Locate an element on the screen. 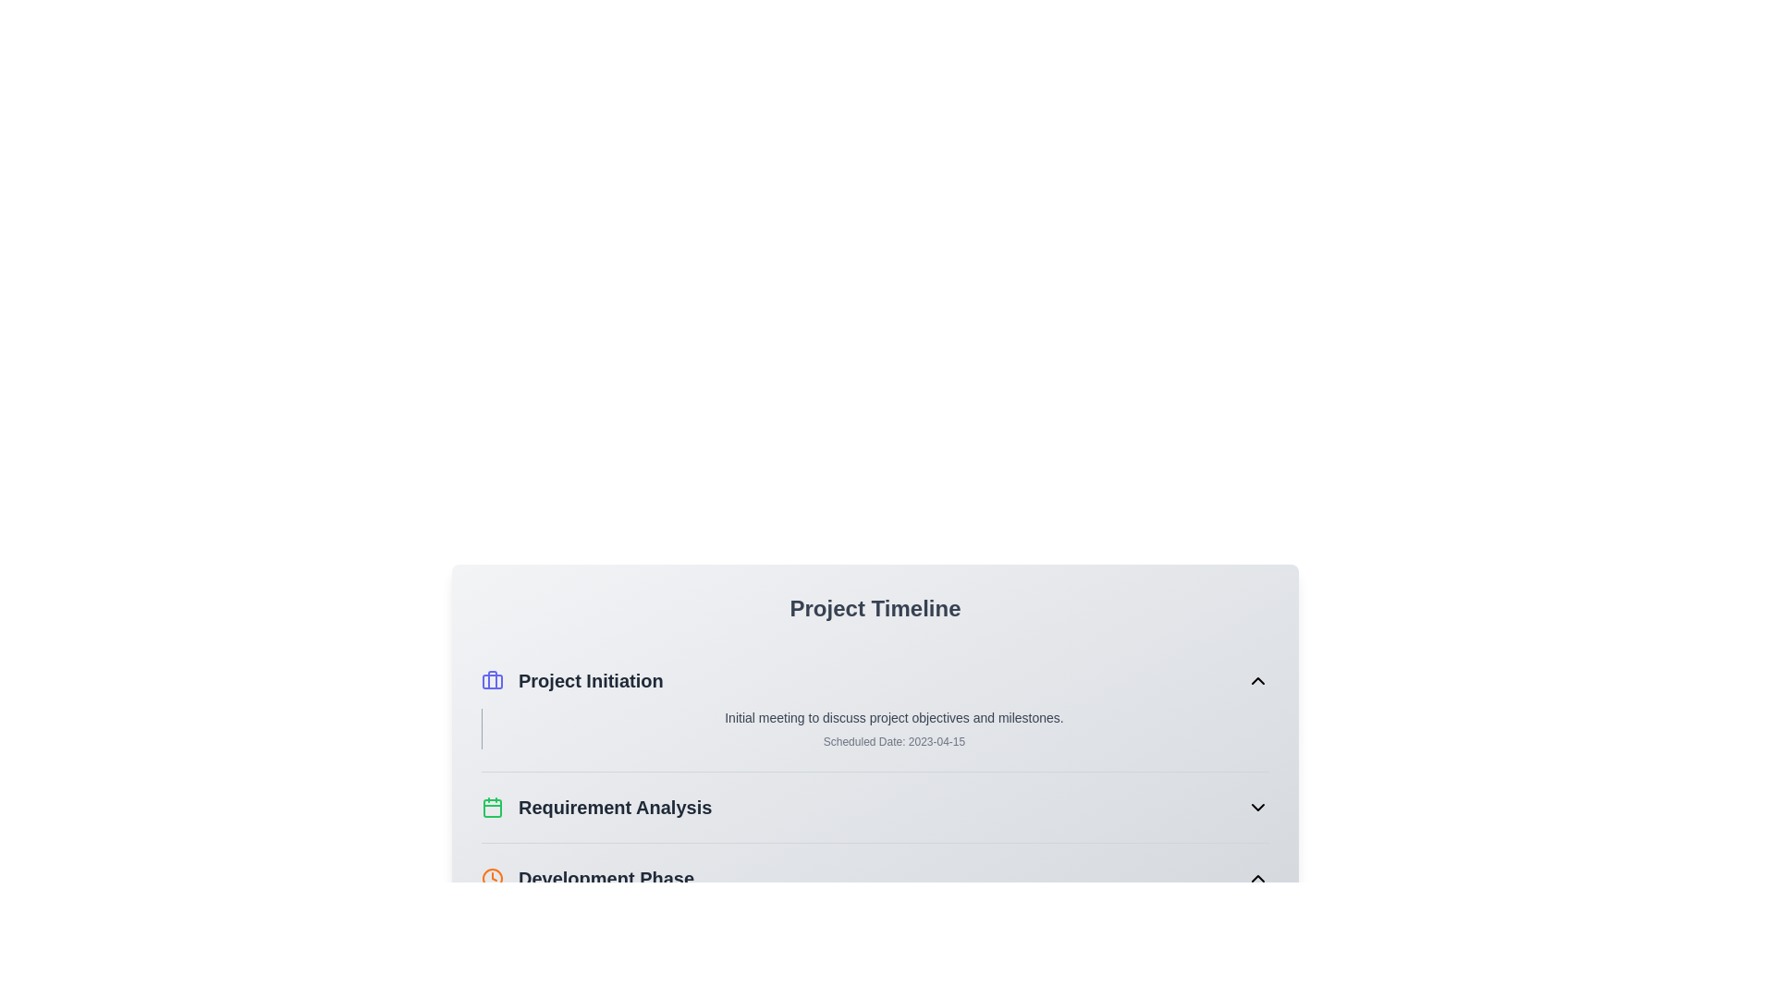 This screenshot has height=998, width=1775. the chevron icon at the far right end of the 'Requirement Analysis' row is located at coordinates (1257, 807).